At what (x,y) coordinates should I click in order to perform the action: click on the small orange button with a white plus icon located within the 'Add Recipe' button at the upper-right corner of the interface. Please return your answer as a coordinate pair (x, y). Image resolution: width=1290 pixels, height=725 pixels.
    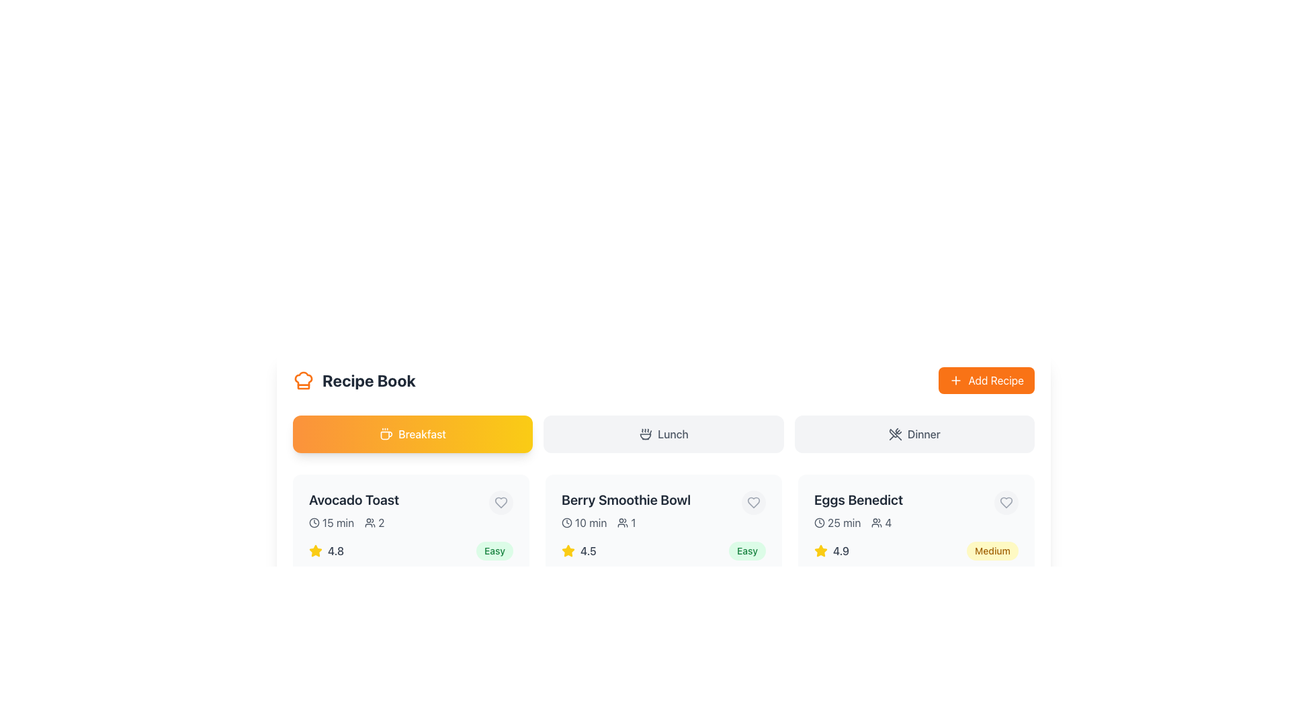
    Looking at the image, I should click on (955, 381).